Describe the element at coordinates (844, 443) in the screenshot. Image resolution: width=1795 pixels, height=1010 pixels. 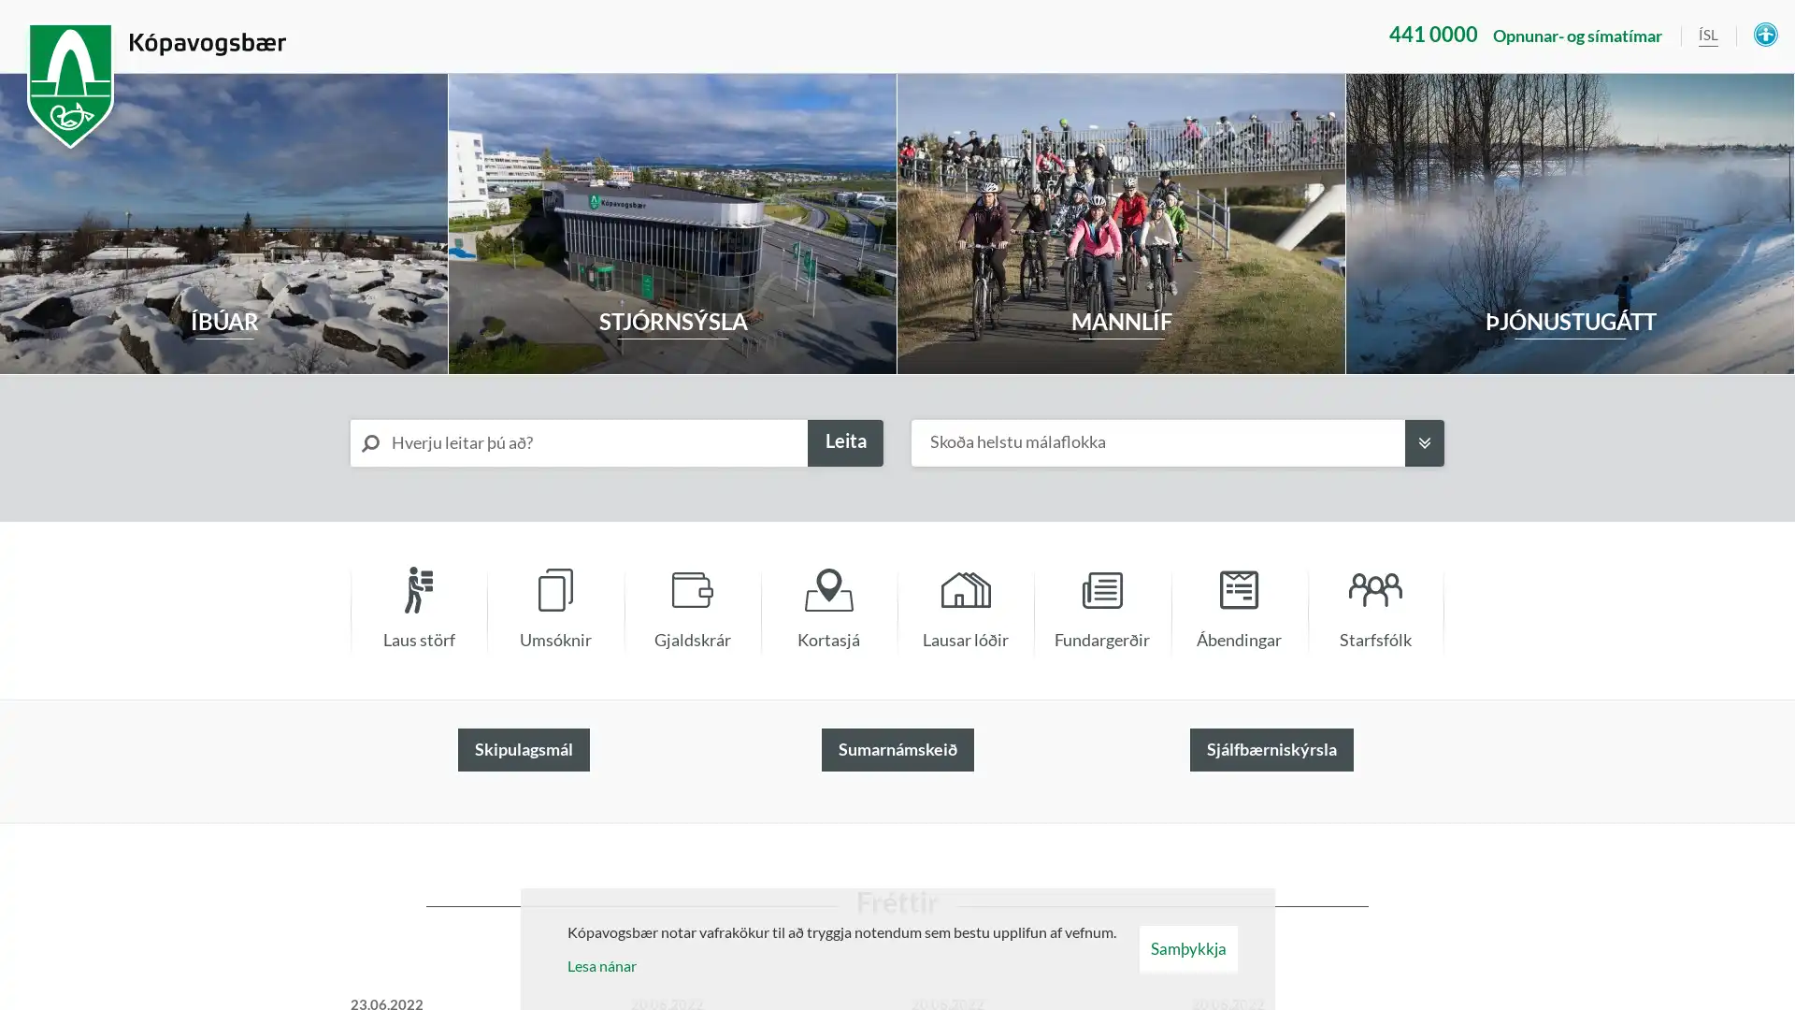
I see `Leita` at that location.